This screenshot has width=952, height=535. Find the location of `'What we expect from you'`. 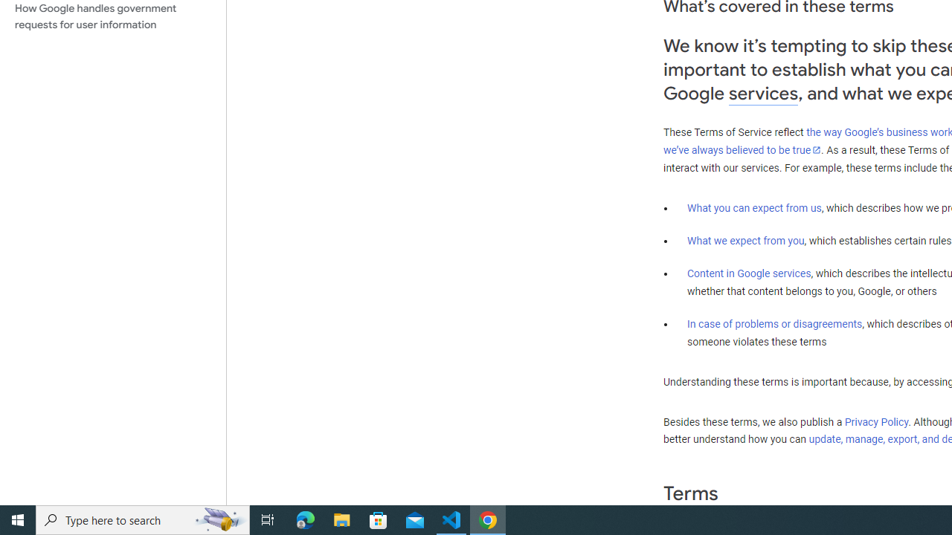

'What we expect from you' is located at coordinates (745, 240).